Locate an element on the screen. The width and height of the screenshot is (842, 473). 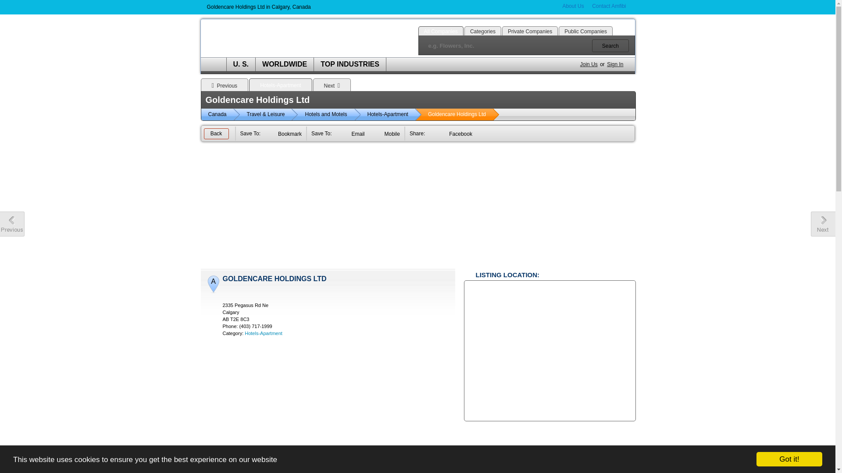
'GOLDENCARE HOLDINGS LTD' is located at coordinates (274, 279).